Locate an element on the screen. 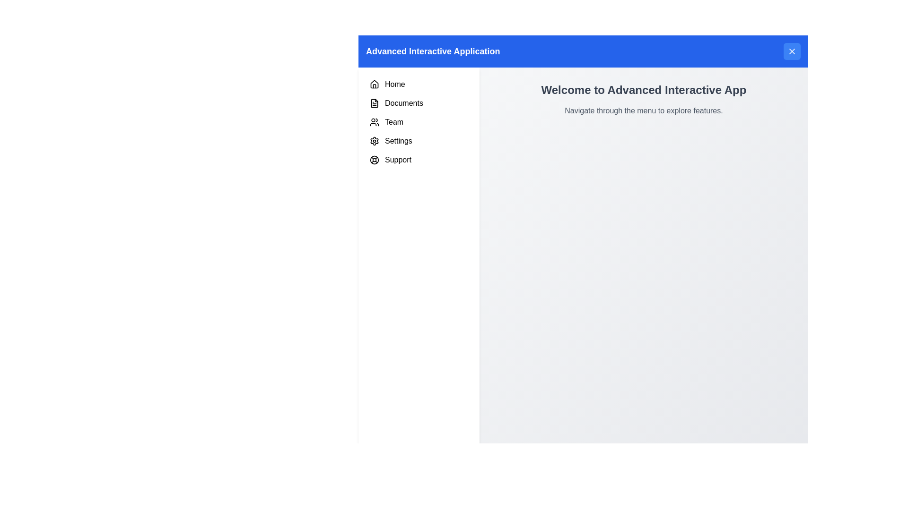 This screenshot has height=510, width=908. the 'Support' icon located at the bottom of the left sidebar menu is located at coordinates (374, 160).